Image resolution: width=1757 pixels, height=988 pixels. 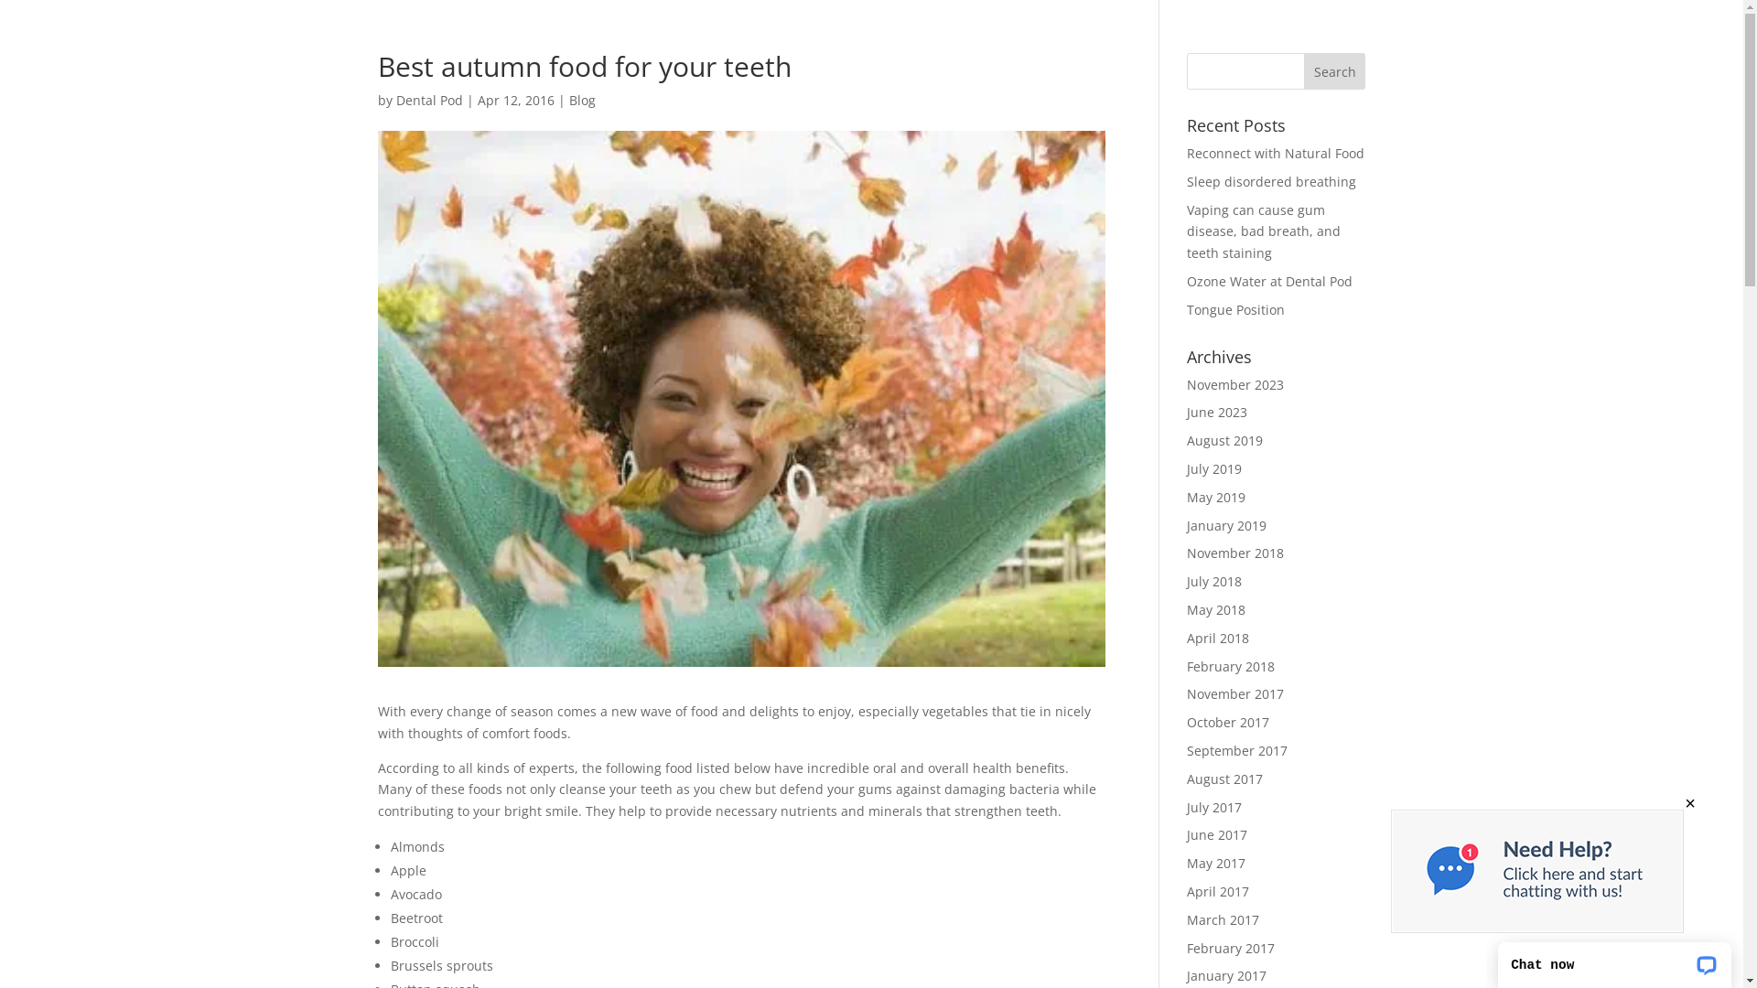 I want to click on 'July 2018', so click(x=1213, y=581).